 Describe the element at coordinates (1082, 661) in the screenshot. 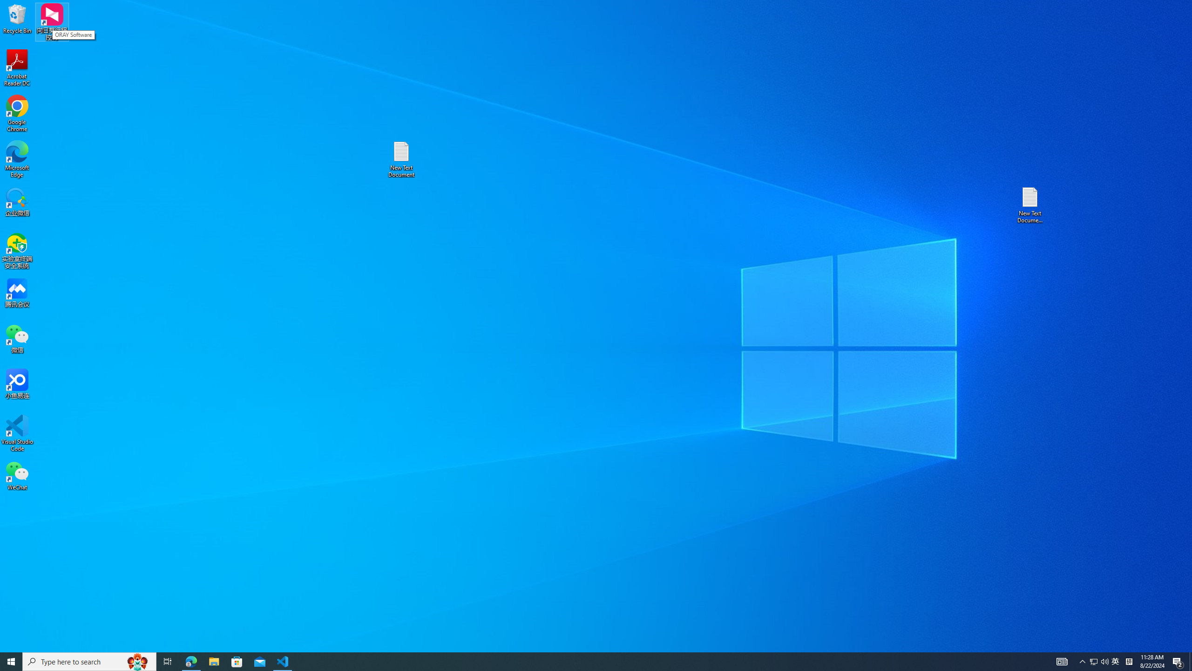

I see `'Notification Chevron'` at that location.